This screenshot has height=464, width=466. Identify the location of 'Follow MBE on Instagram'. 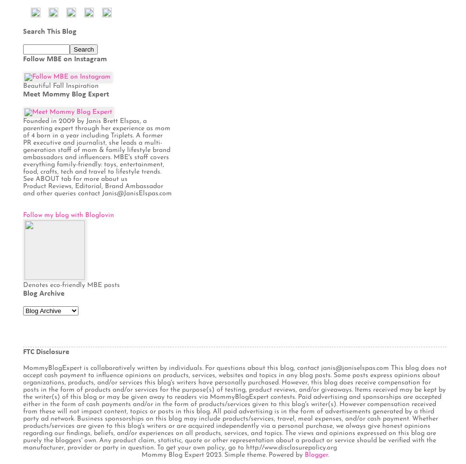
(23, 58).